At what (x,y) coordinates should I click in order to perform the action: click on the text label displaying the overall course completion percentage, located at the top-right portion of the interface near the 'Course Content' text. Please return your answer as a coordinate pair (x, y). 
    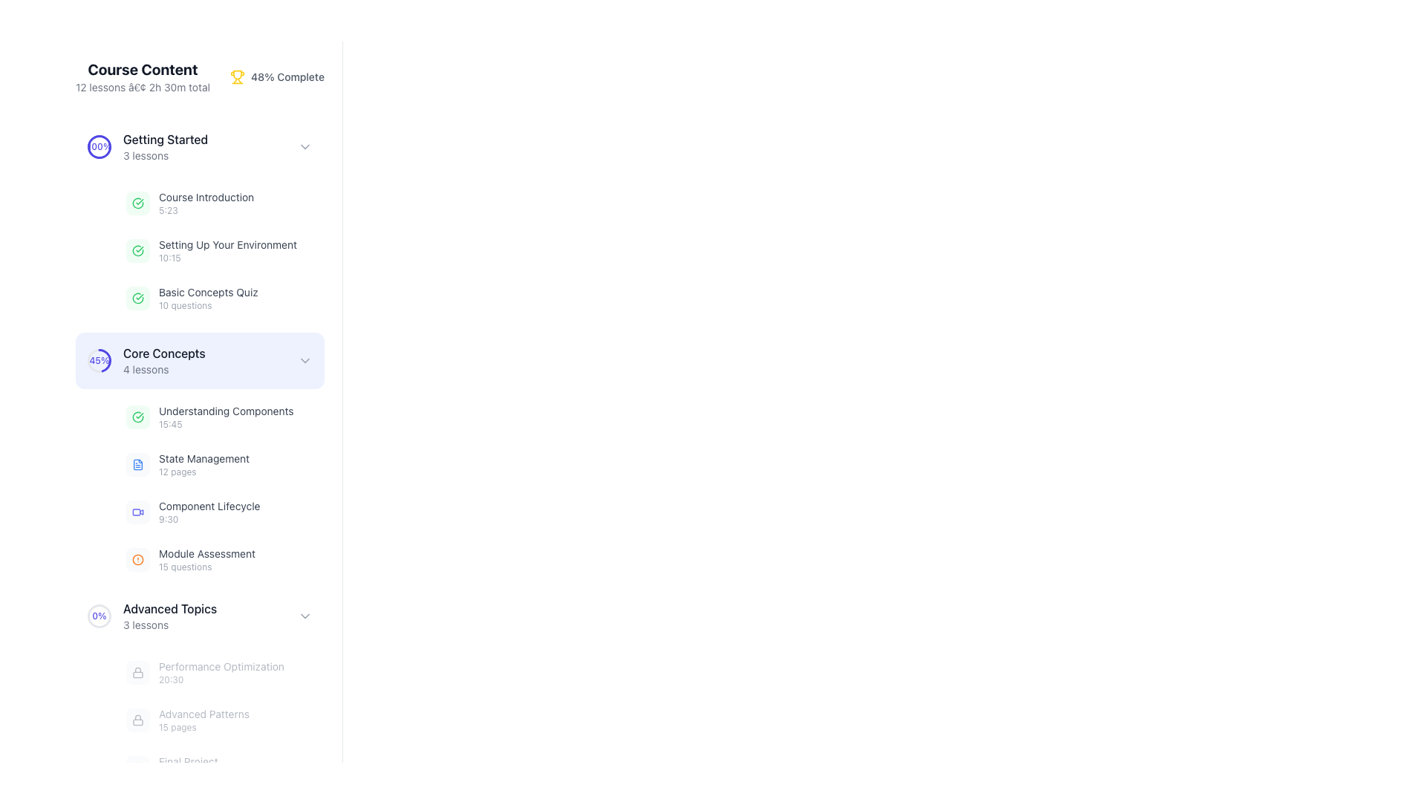
    Looking at the image, I should click on (287, 77).